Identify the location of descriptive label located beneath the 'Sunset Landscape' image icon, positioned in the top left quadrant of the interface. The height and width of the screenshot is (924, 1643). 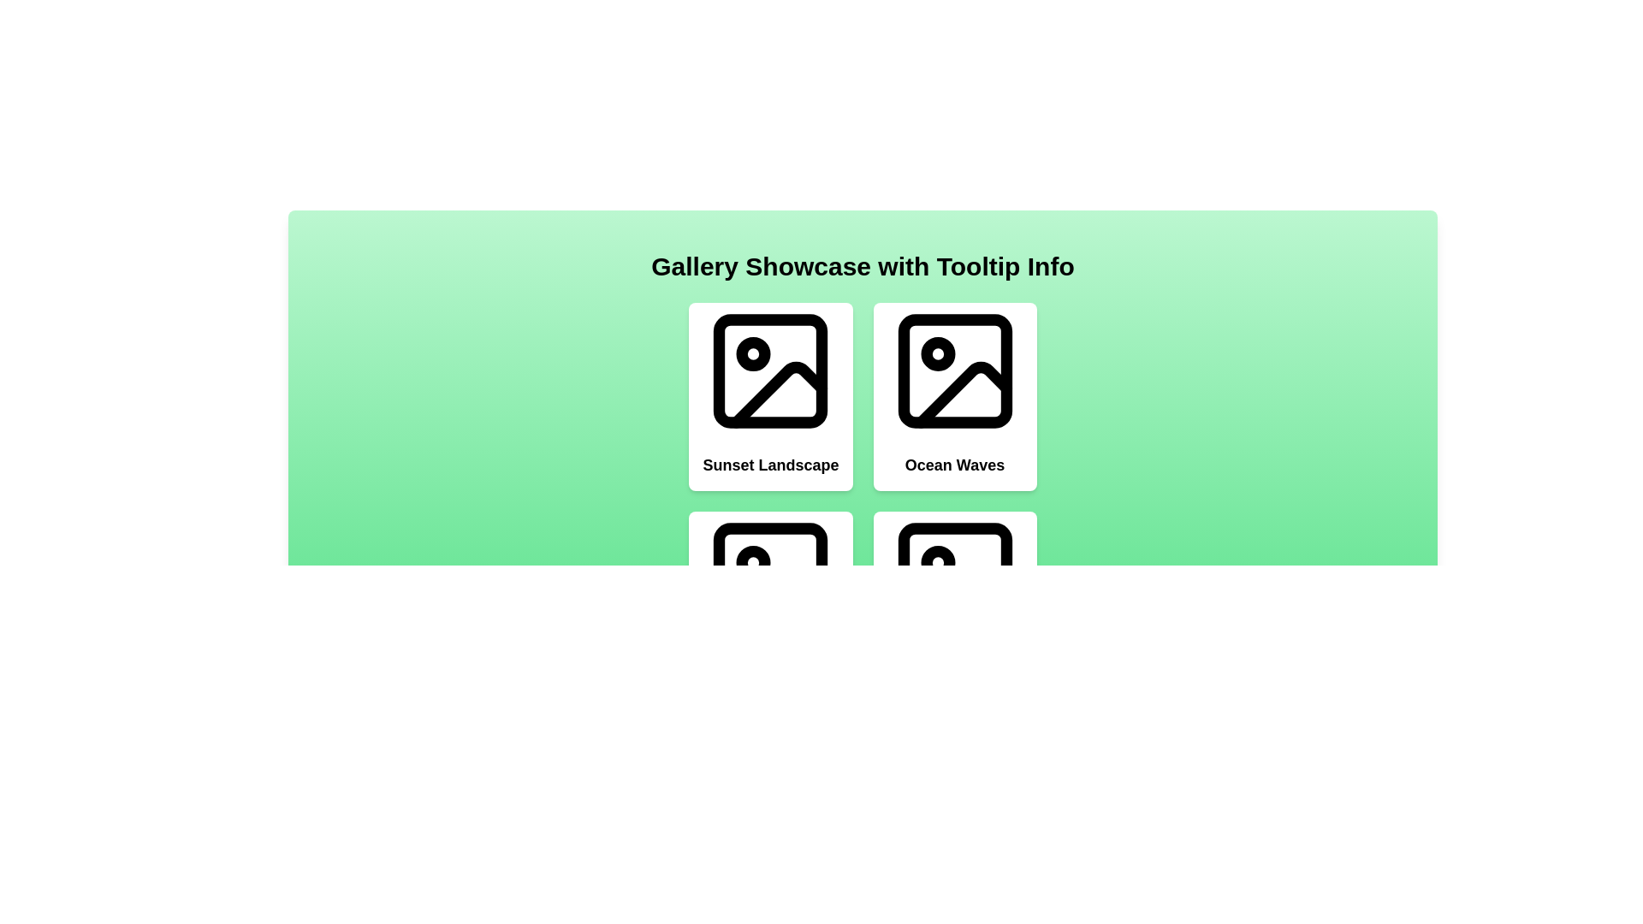
(770, 465).